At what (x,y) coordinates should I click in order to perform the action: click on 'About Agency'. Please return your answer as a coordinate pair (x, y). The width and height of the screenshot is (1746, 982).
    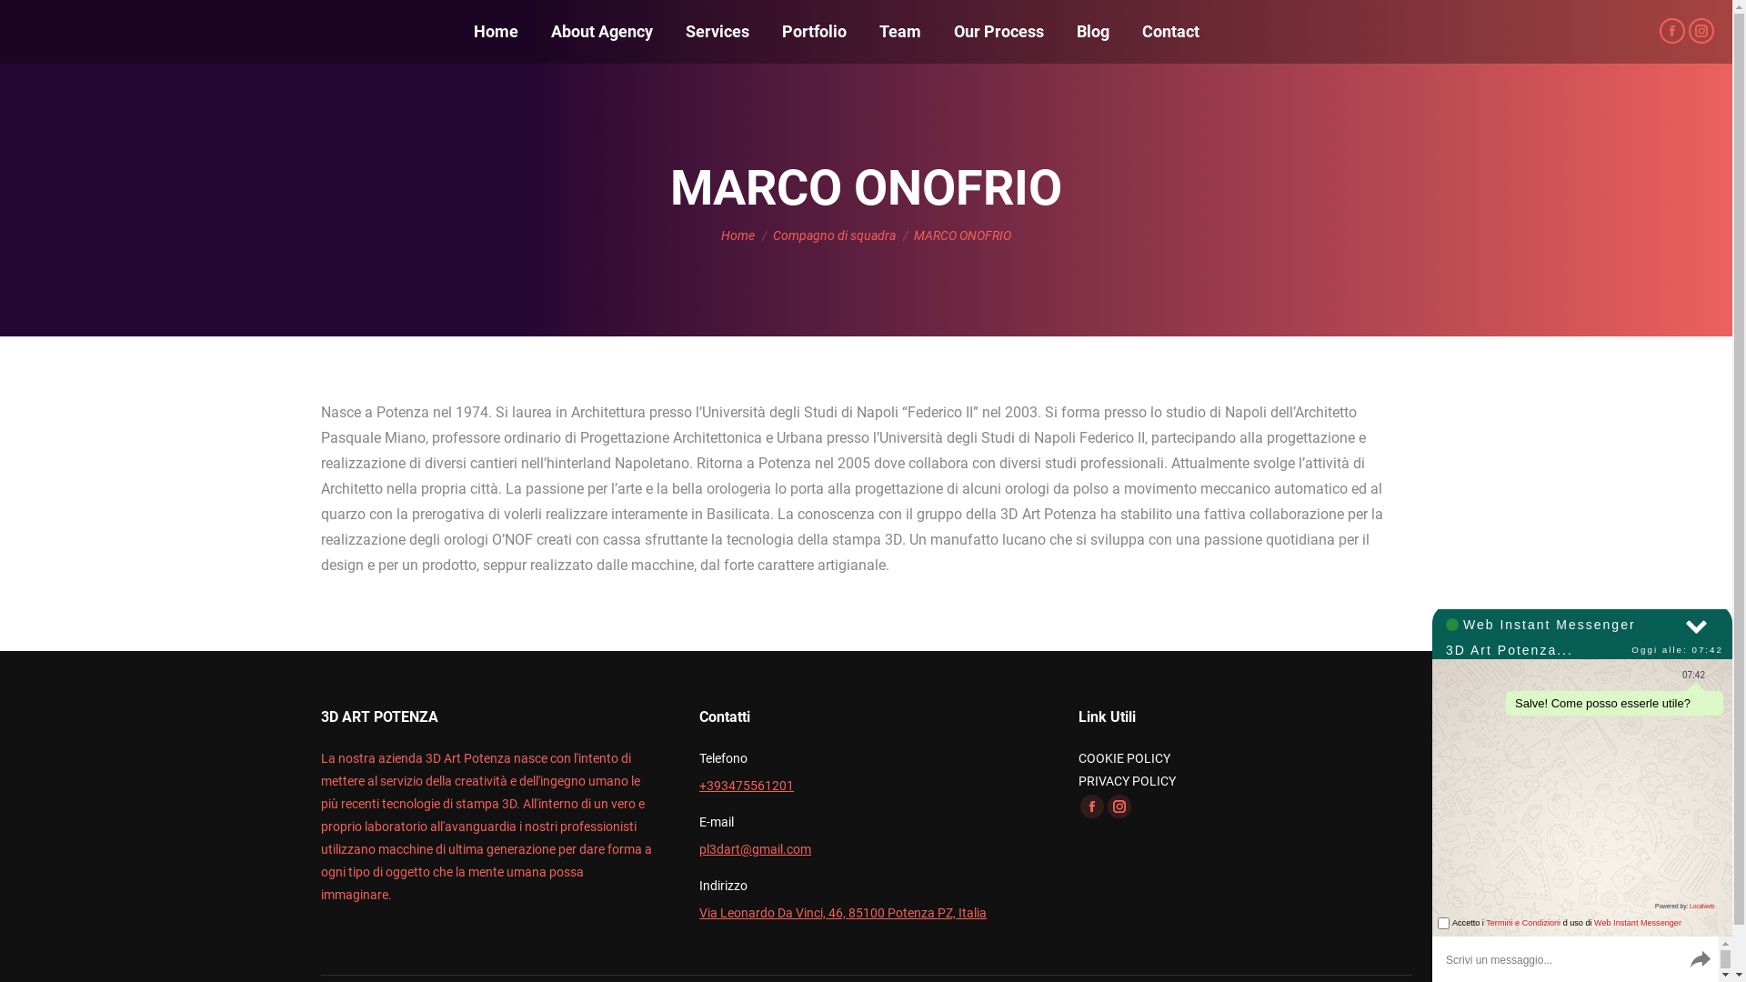
    Looking at the image, I should click on (602, 31).